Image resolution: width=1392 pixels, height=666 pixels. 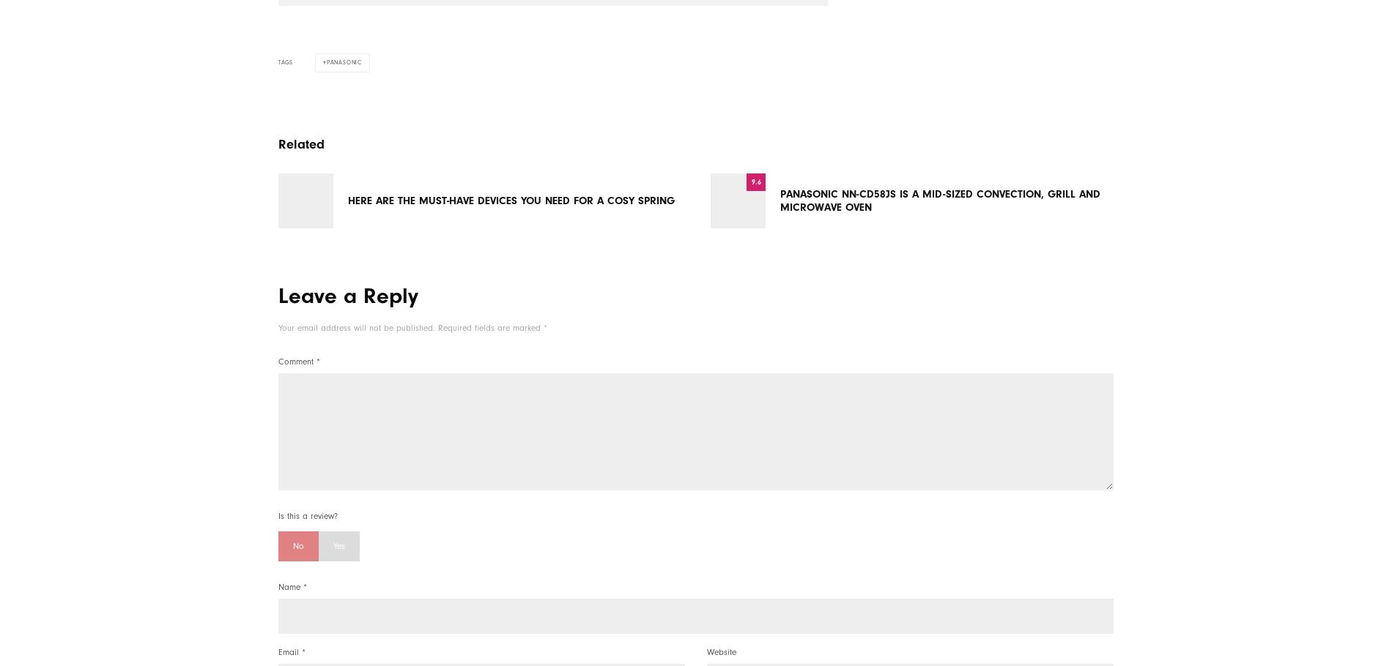 I want to click on 'Is this a review?', so click(x=307, y=515).